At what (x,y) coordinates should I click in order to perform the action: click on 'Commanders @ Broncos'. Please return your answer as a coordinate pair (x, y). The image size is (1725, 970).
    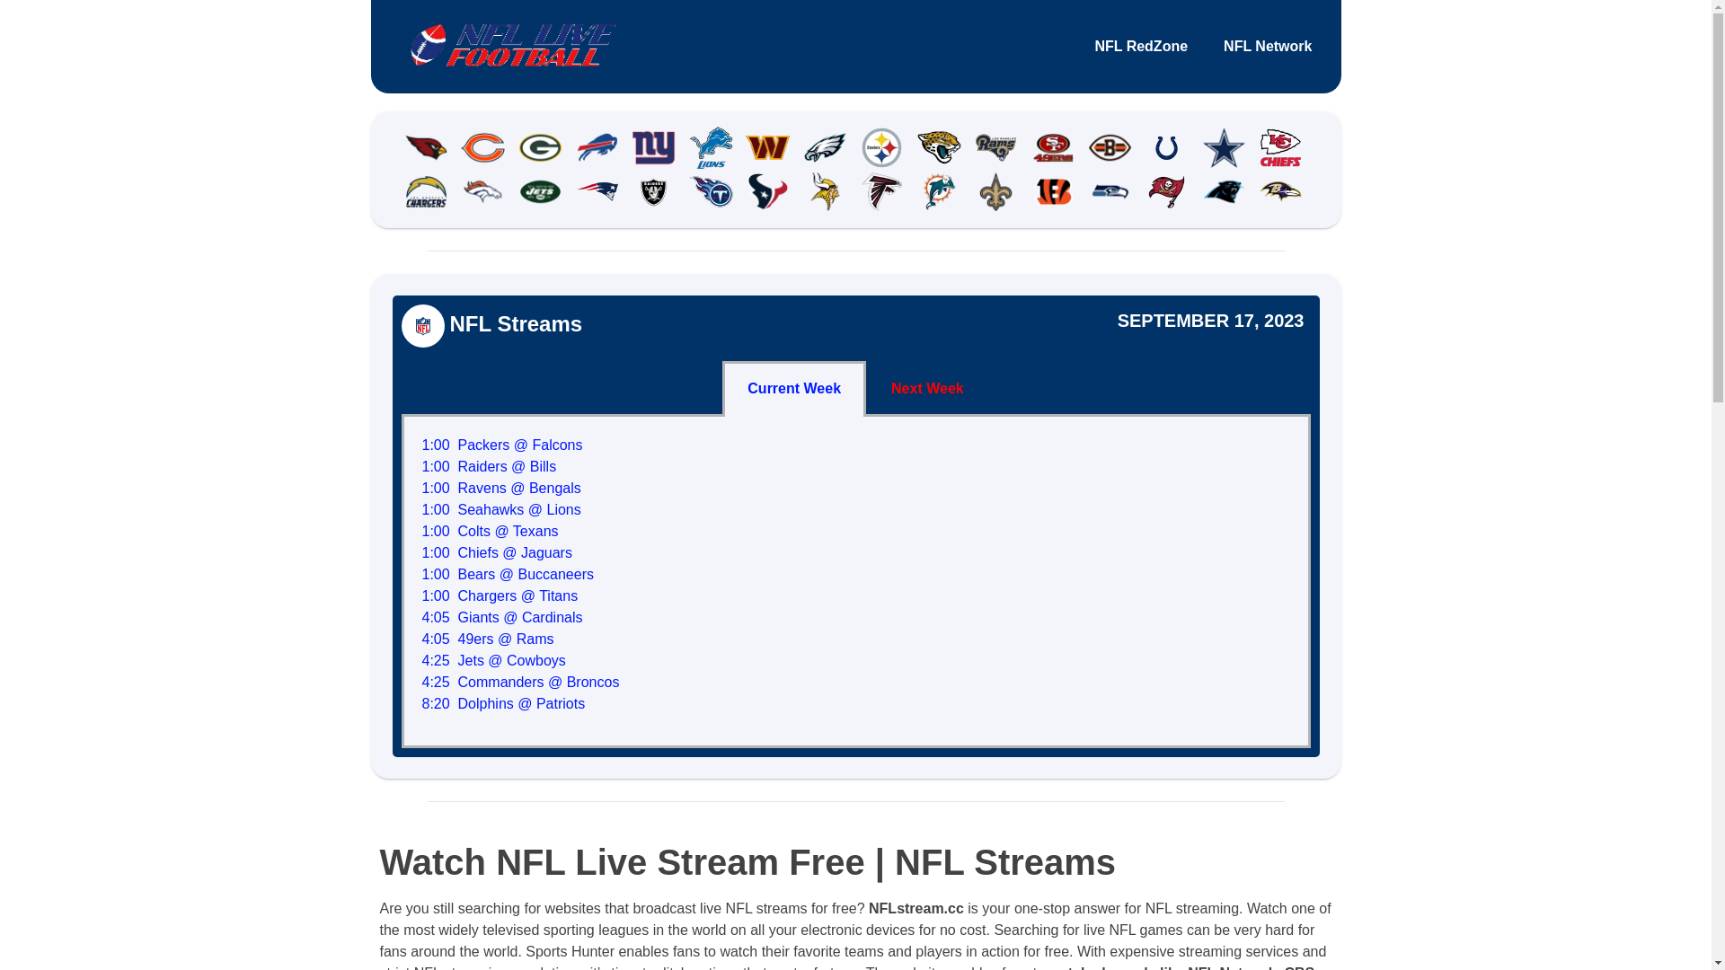
    Looking at the image, I should click on (538, 682).